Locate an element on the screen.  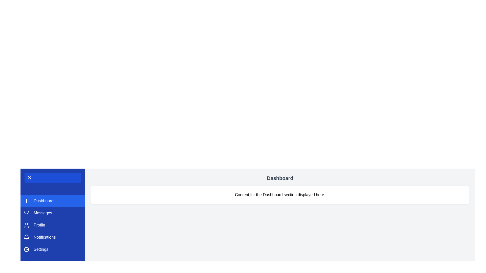
the cog icon representing settings from its position in the left-side navigation menu, as it is part of a customizable toolbar is located at coordinates (26, 249).